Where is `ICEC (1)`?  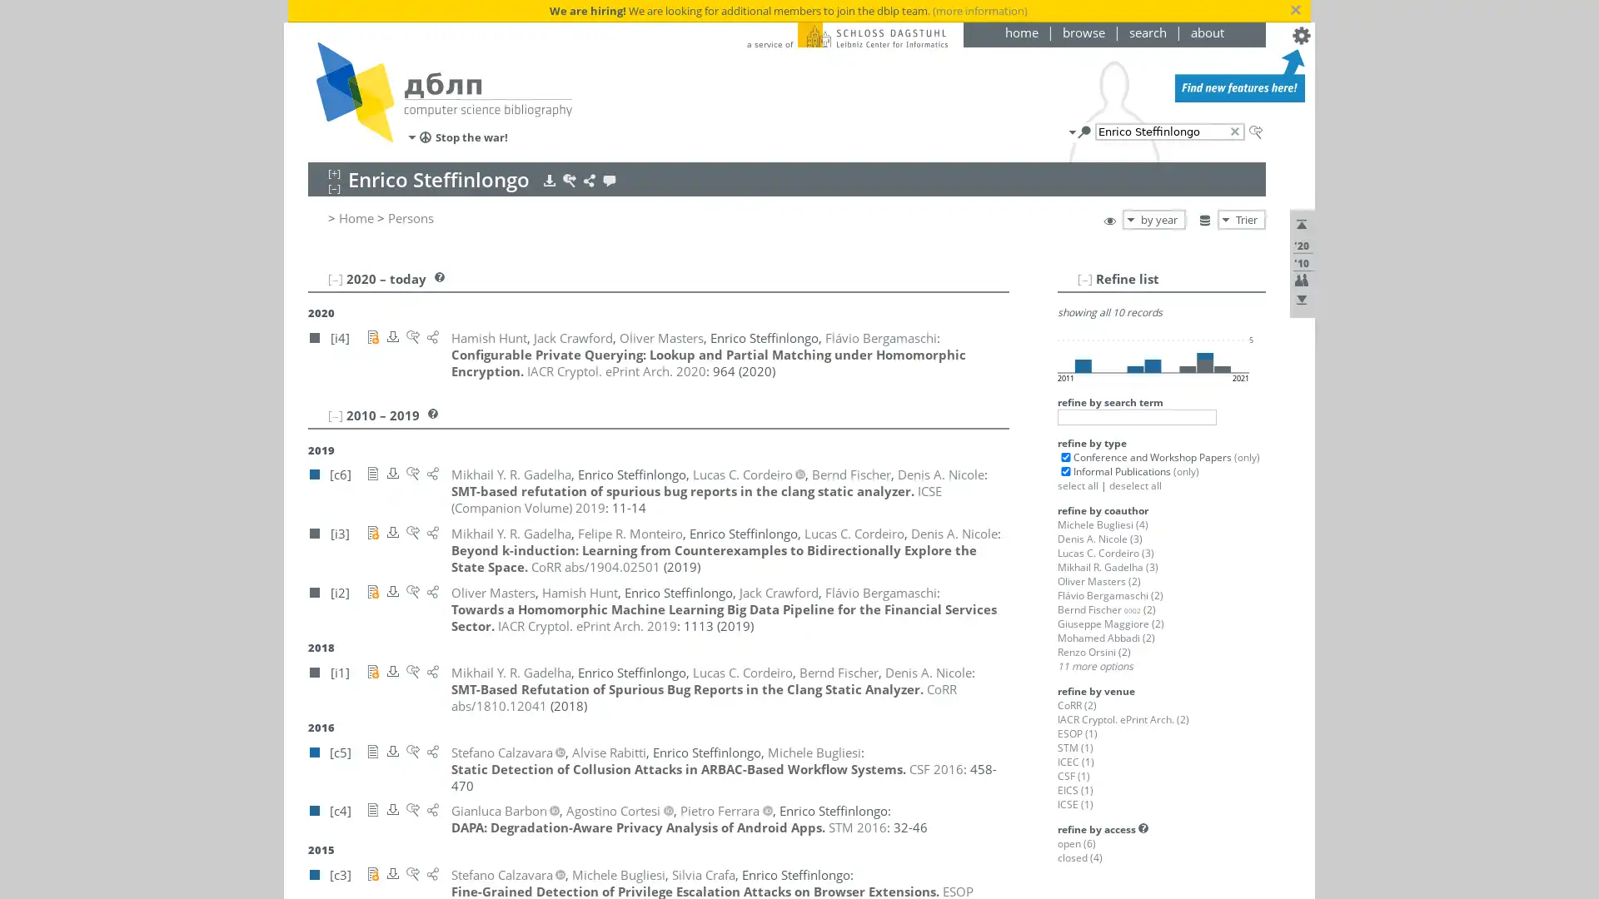
ICEC (1) is located at coordinates (1075, 762).